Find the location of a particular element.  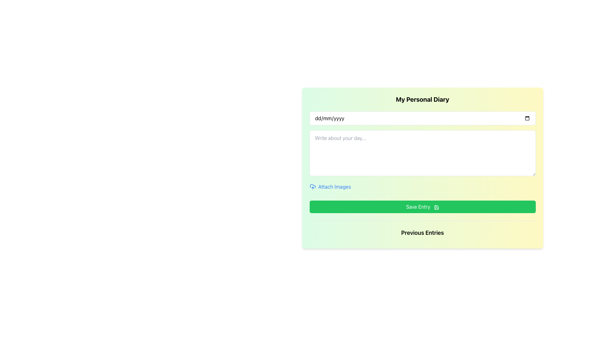

the static text label or section heading that serves as a header for previously logged entries, located beneath the 'Save Entry' button is located at coordinates (422, 233).